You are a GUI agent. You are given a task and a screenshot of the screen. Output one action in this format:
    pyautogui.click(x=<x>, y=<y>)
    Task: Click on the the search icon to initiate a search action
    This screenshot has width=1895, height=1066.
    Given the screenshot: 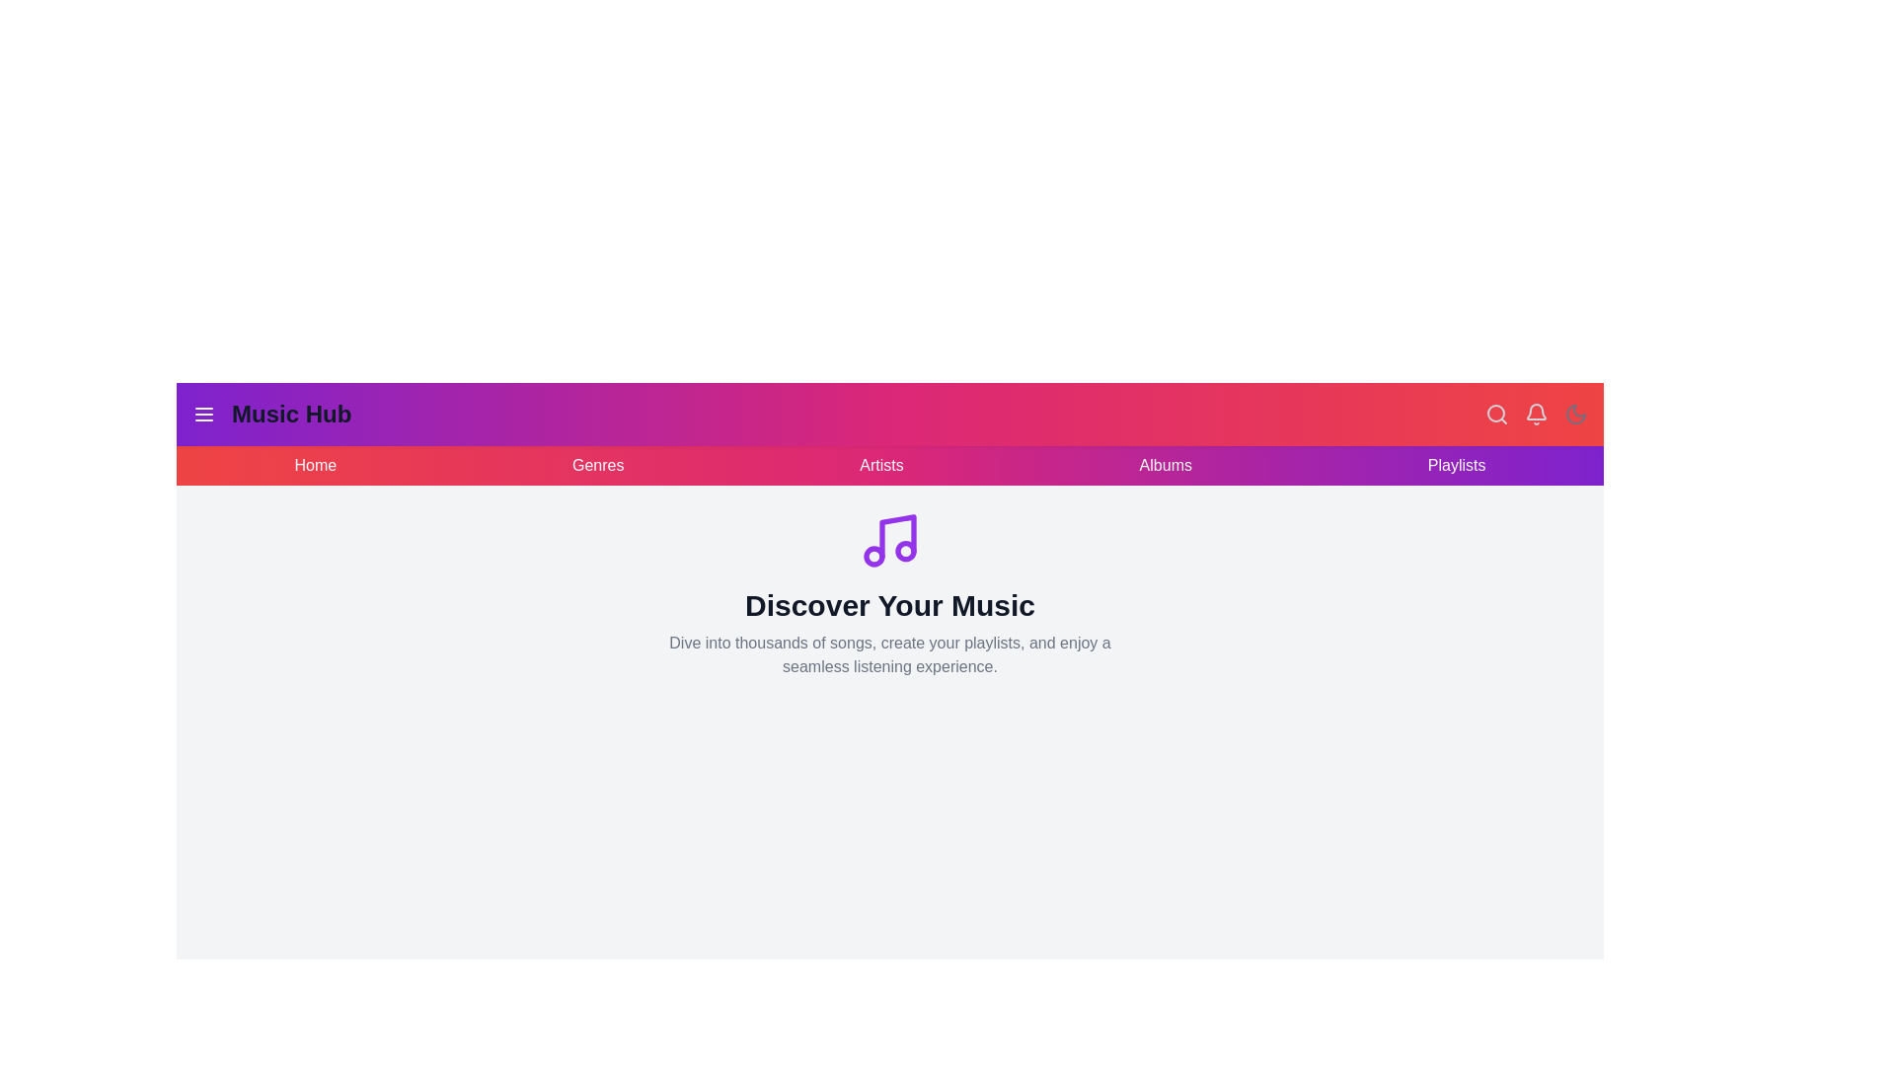 What is the action you would take?
    pyautogui.click(x=1496, y=414)
    